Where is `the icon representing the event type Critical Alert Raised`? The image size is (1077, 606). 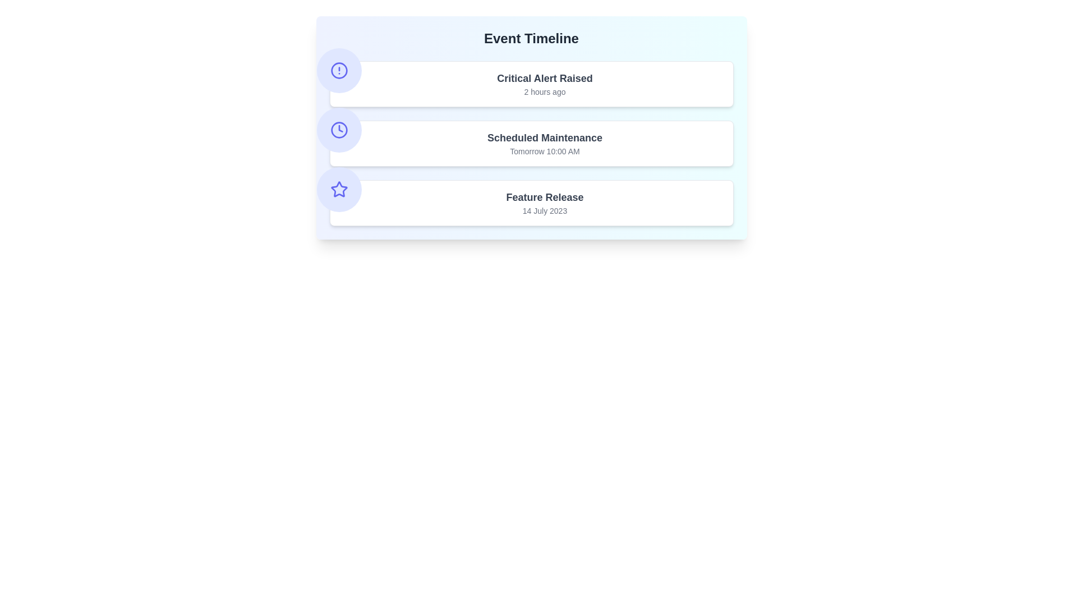
the icon representing the event type Critical Alert Raised is located at coordinates (338, 71).